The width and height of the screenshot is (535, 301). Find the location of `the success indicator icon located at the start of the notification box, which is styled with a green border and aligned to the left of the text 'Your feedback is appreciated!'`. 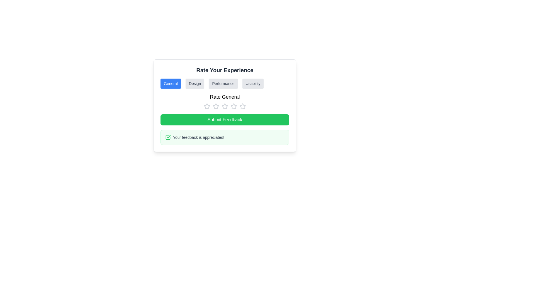

the success indicator icon located at the start of the notification box, which is styled with a green border and aligned to the left of the text 'Your feedback is appreciated!' is located at coordinates (168, 137).